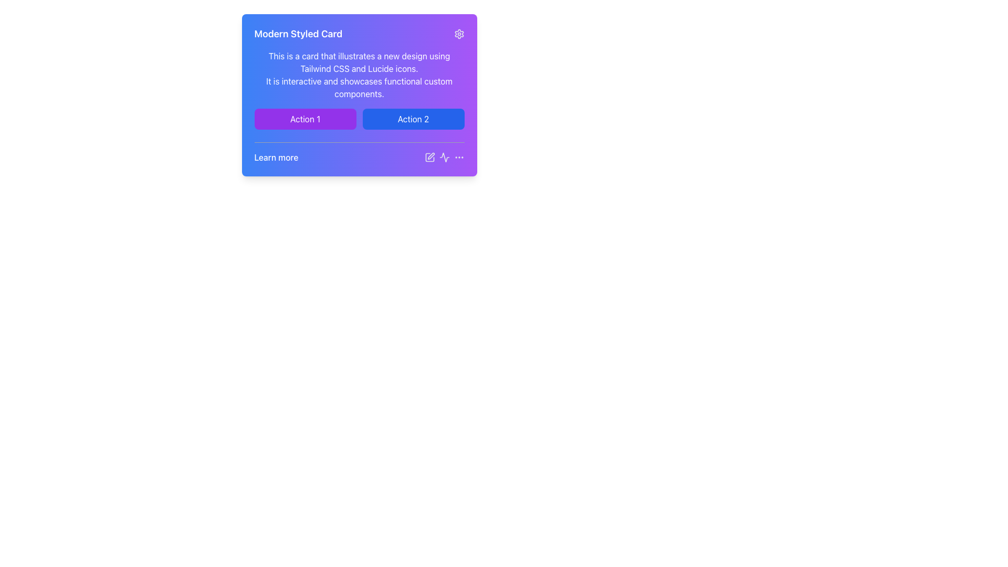 The width and height of the screenshot is (1008, 567). I want to click on the 'Learn more' hyperlink styled in white with an underline effect, located at the bottom left of the colorful card interface, so click(359, 153).